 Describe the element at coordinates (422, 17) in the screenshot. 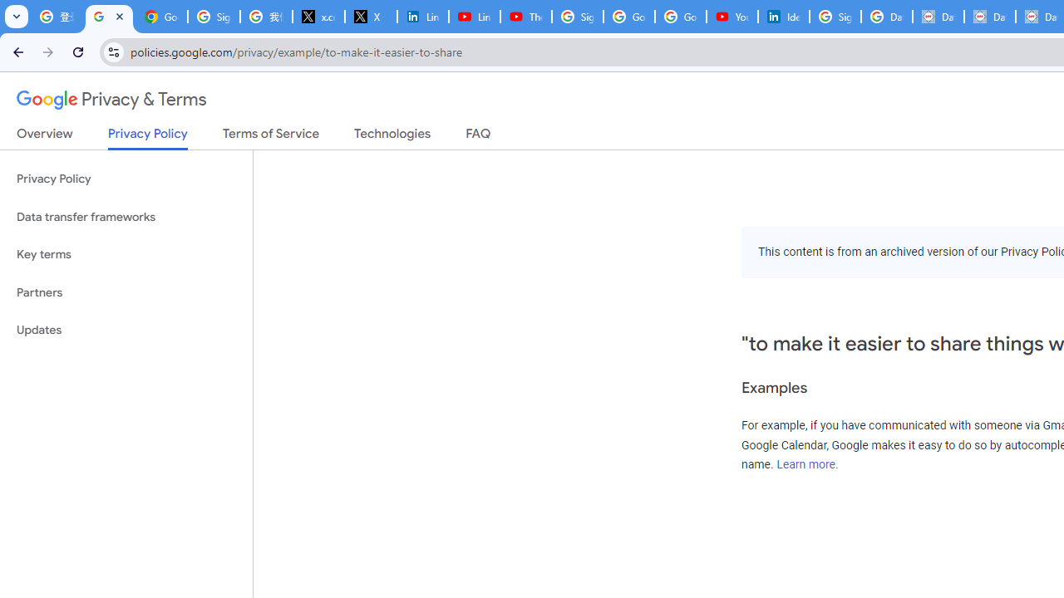

I see `'LinkedIn Privacy Policy'` at that location.